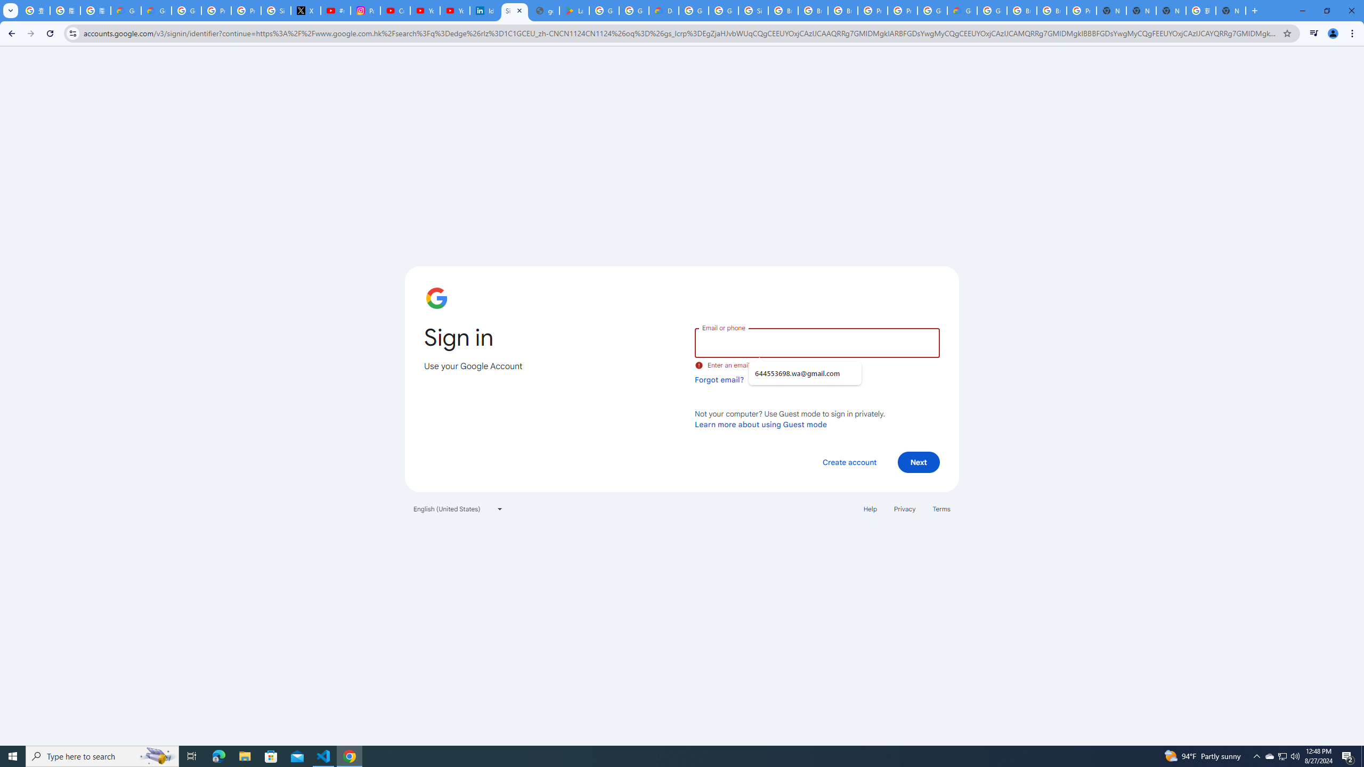 The image size is (1364, 767). What do you see at coordinates (1231, 10) in the screenshot?
I see `'New Tab'` at bounding box center [1231, 10].